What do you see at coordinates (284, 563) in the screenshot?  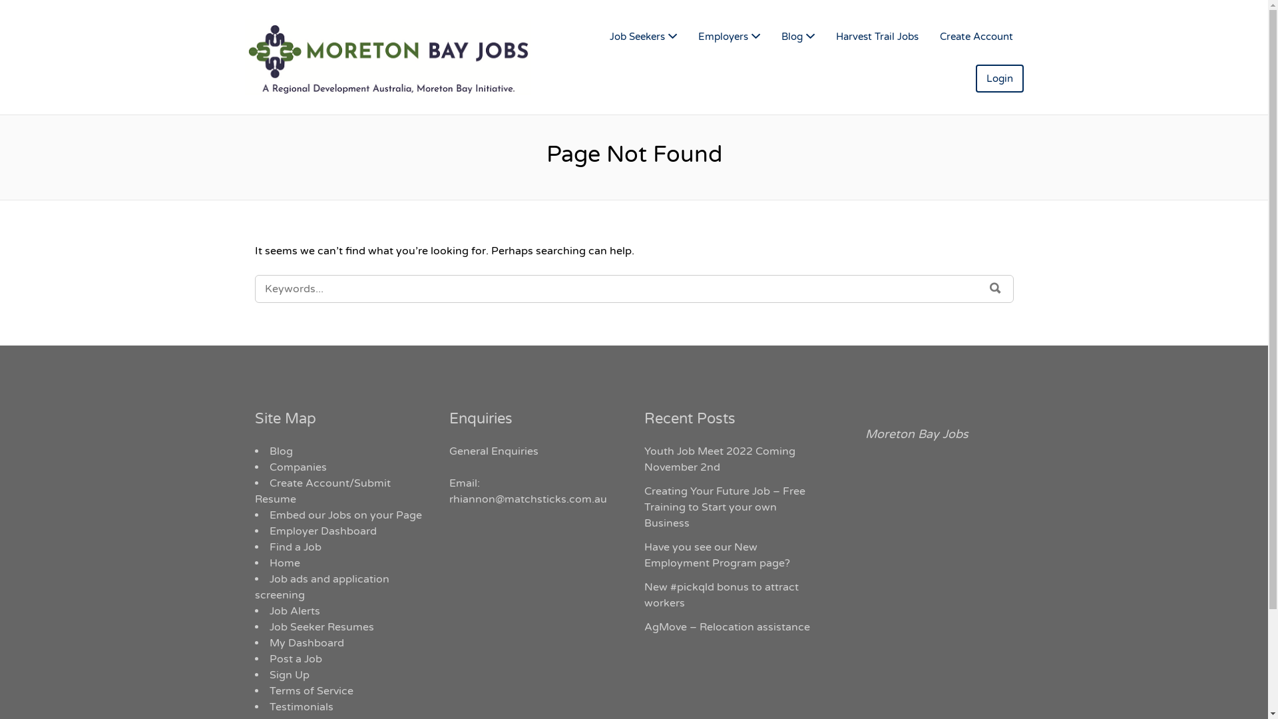 I see `'Home'` at bounding box center [284, 563].